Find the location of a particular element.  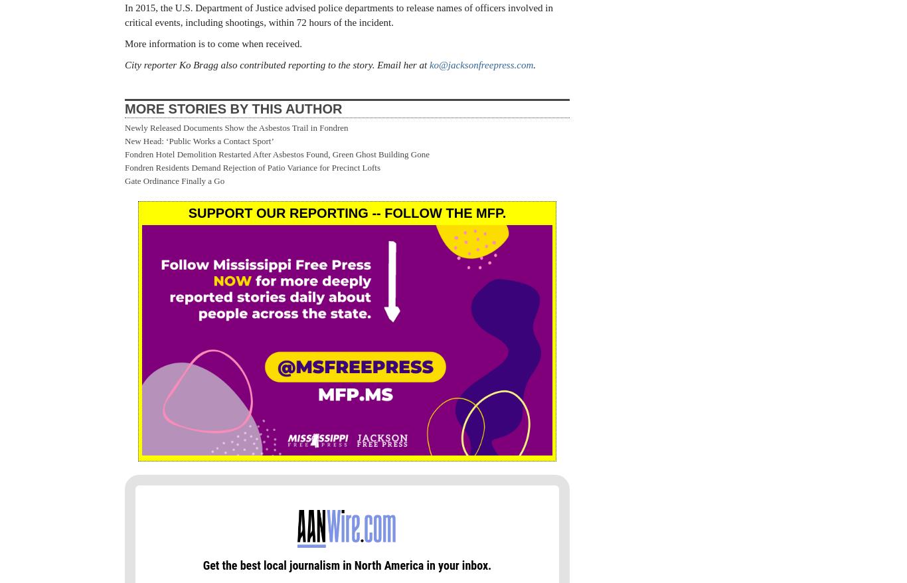

'In 2015, the U.S. Department of Justice advised police departments to release names of officers involved in critical events, including shootings, within 72 hours of the incident.' is located at coordinates (124, 14).